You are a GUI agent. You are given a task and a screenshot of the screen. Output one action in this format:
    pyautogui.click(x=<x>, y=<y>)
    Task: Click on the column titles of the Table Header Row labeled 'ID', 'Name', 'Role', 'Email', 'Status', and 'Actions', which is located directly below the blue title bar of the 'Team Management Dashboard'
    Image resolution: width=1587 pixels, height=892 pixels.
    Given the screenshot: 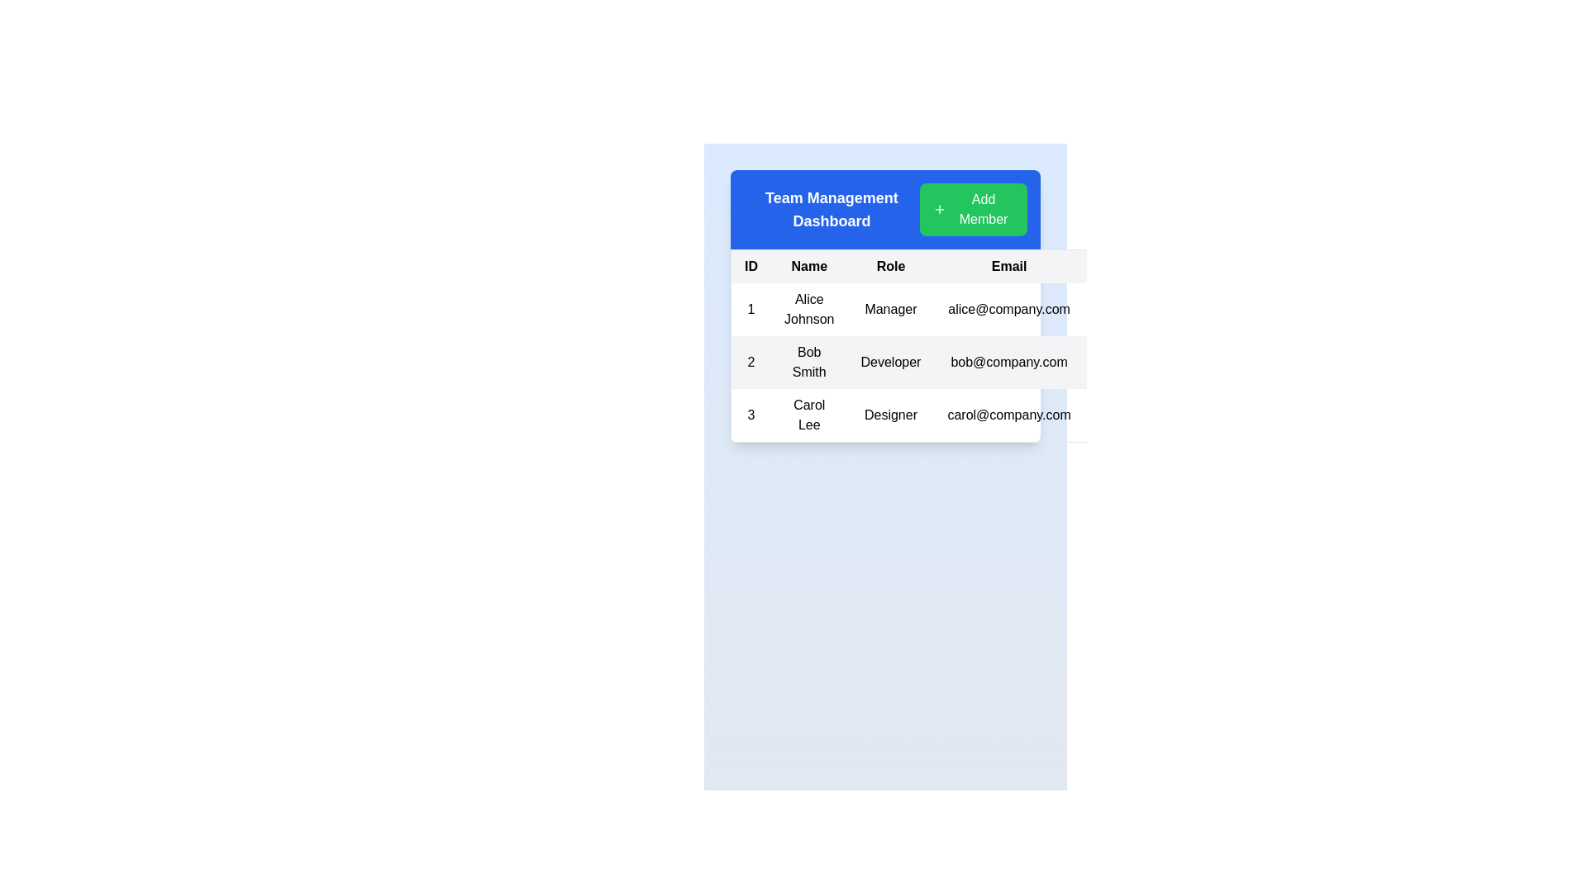 What is the action you would take?
    pyautogui.click(x=985, y=265)
    